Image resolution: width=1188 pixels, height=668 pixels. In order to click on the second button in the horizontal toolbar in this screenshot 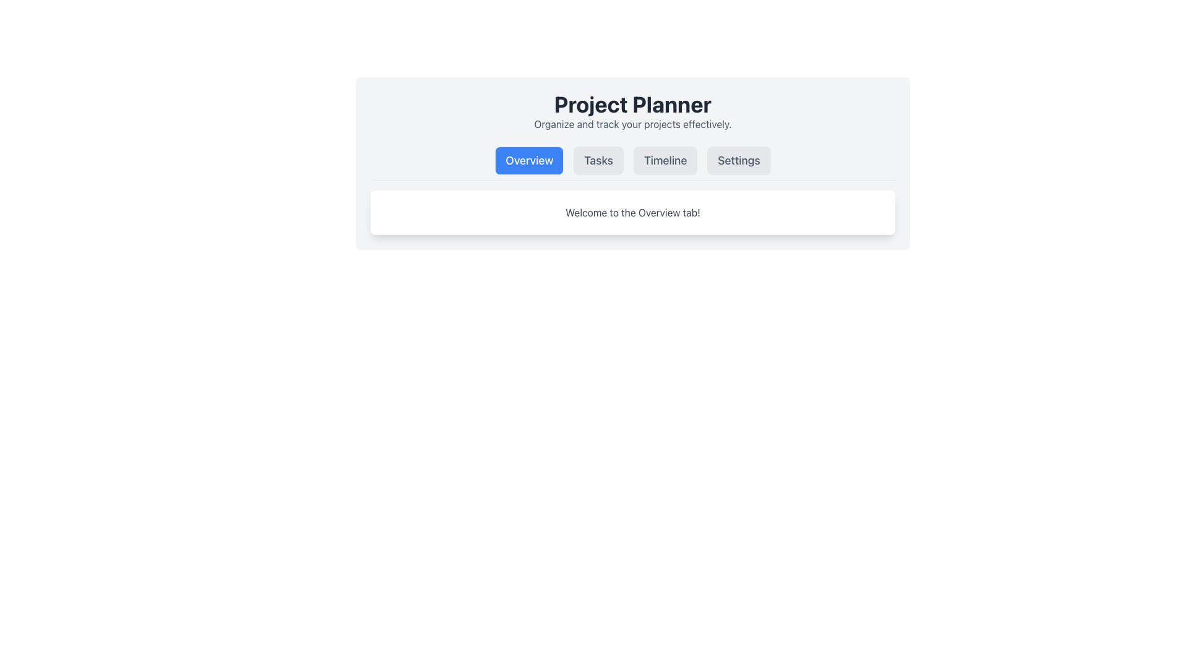, I will do `click(598, 160)`.